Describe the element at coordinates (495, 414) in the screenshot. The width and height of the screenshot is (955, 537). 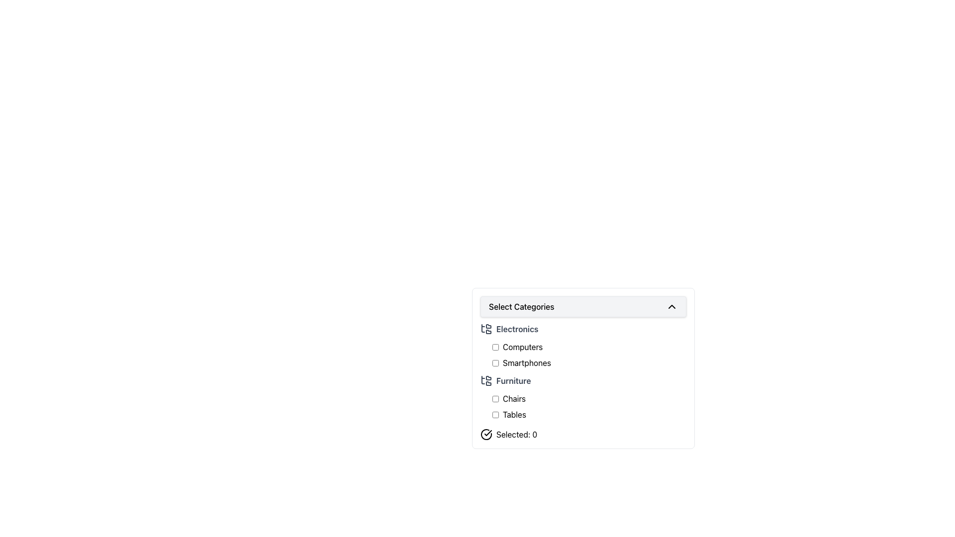
I see `the checkbox for the 'Tables' category in the 'Furniture' section` at that location.